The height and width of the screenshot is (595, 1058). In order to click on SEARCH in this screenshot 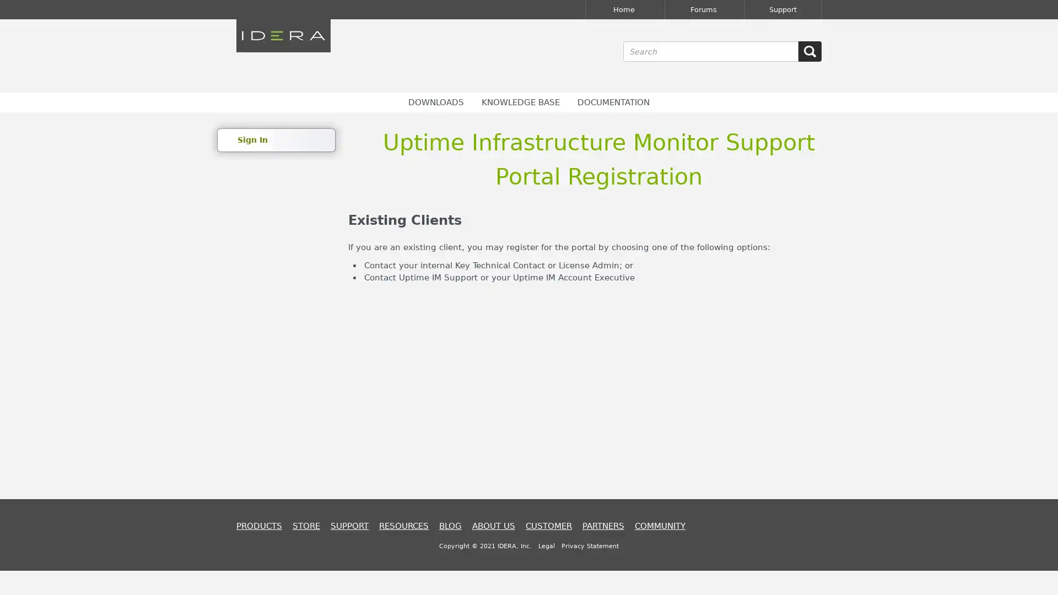, I will do `click(809, 51)`.